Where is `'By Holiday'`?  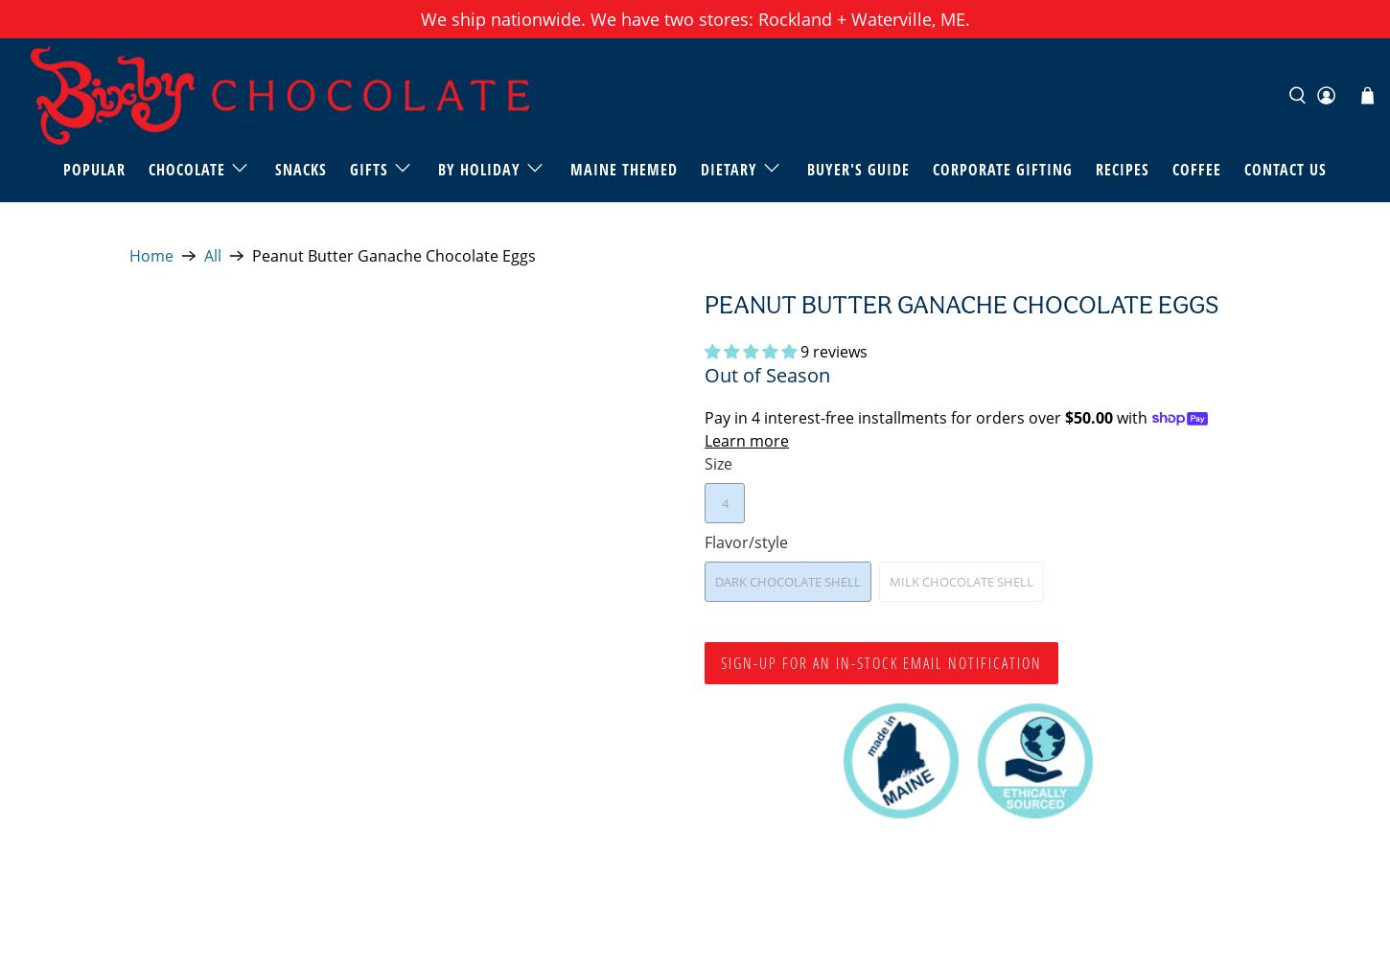
'By Holiday' is located at coordinates (478, 168).